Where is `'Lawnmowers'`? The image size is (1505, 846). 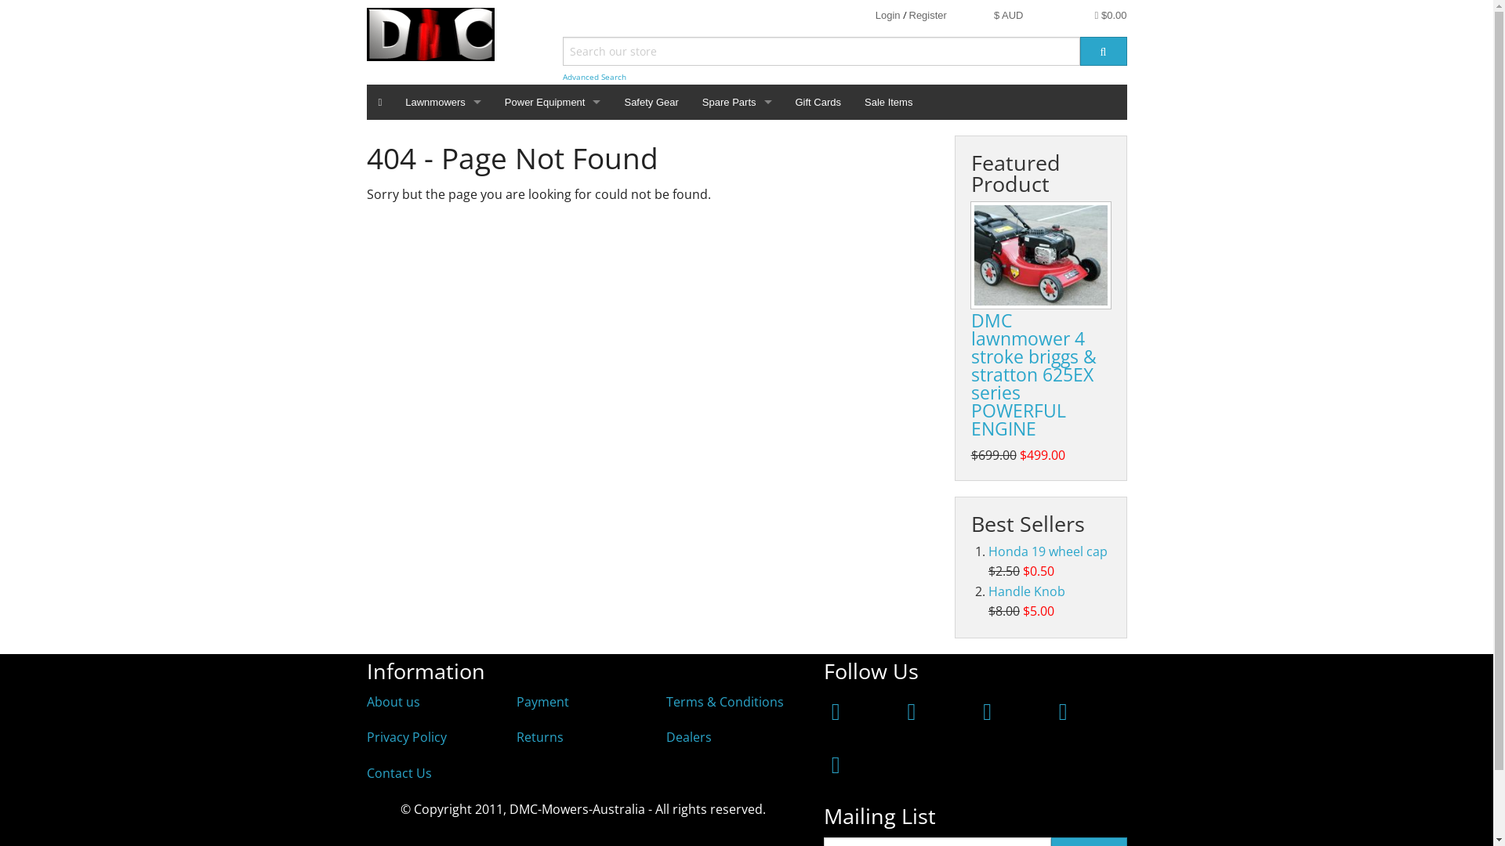 'Lawnmowers' is located at coordinates (442, 102).